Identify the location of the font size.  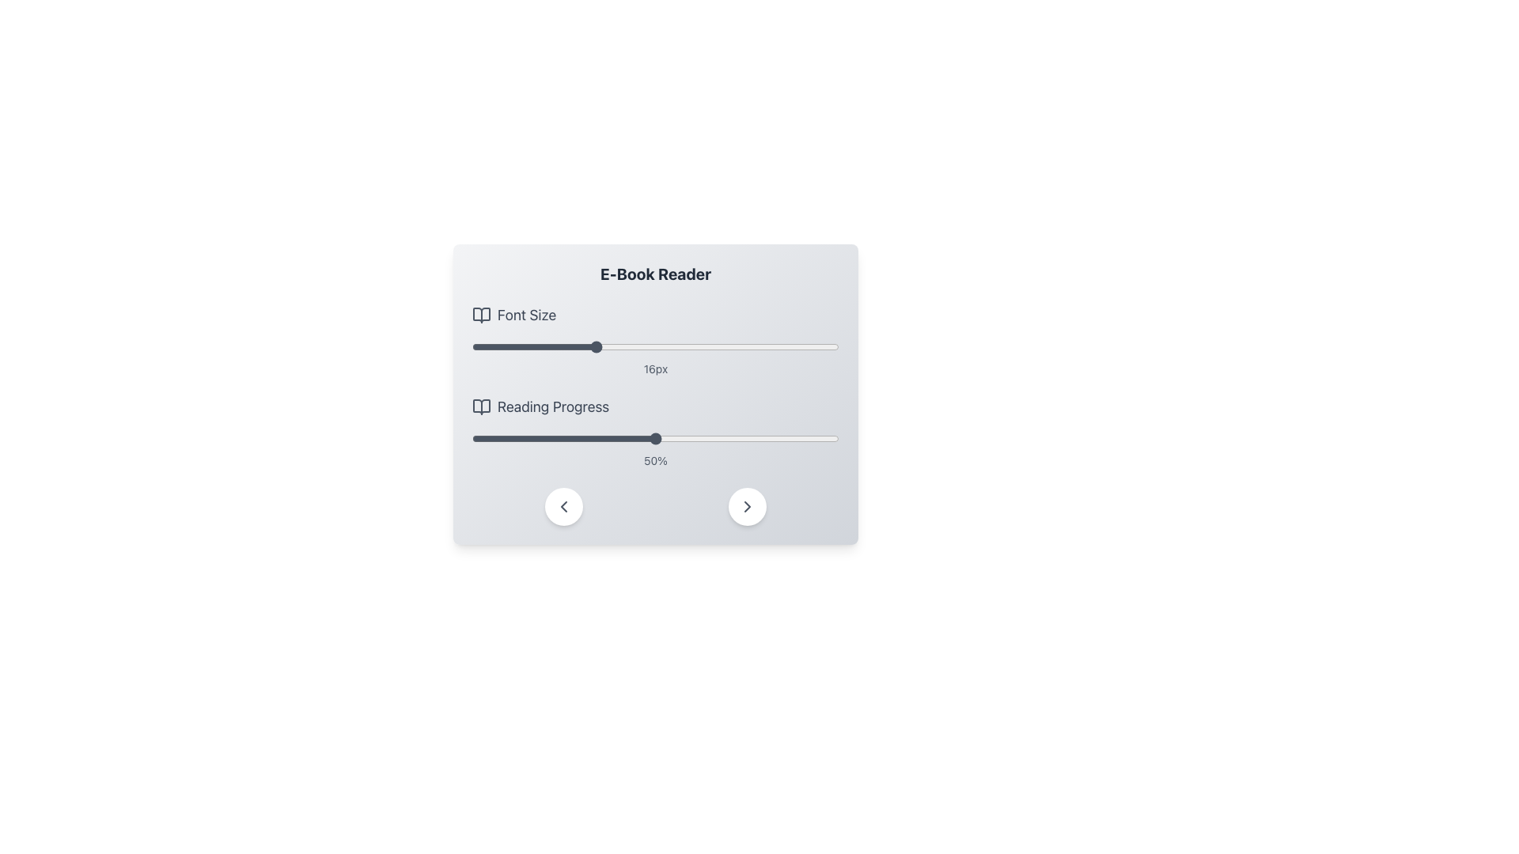
(471, 346).